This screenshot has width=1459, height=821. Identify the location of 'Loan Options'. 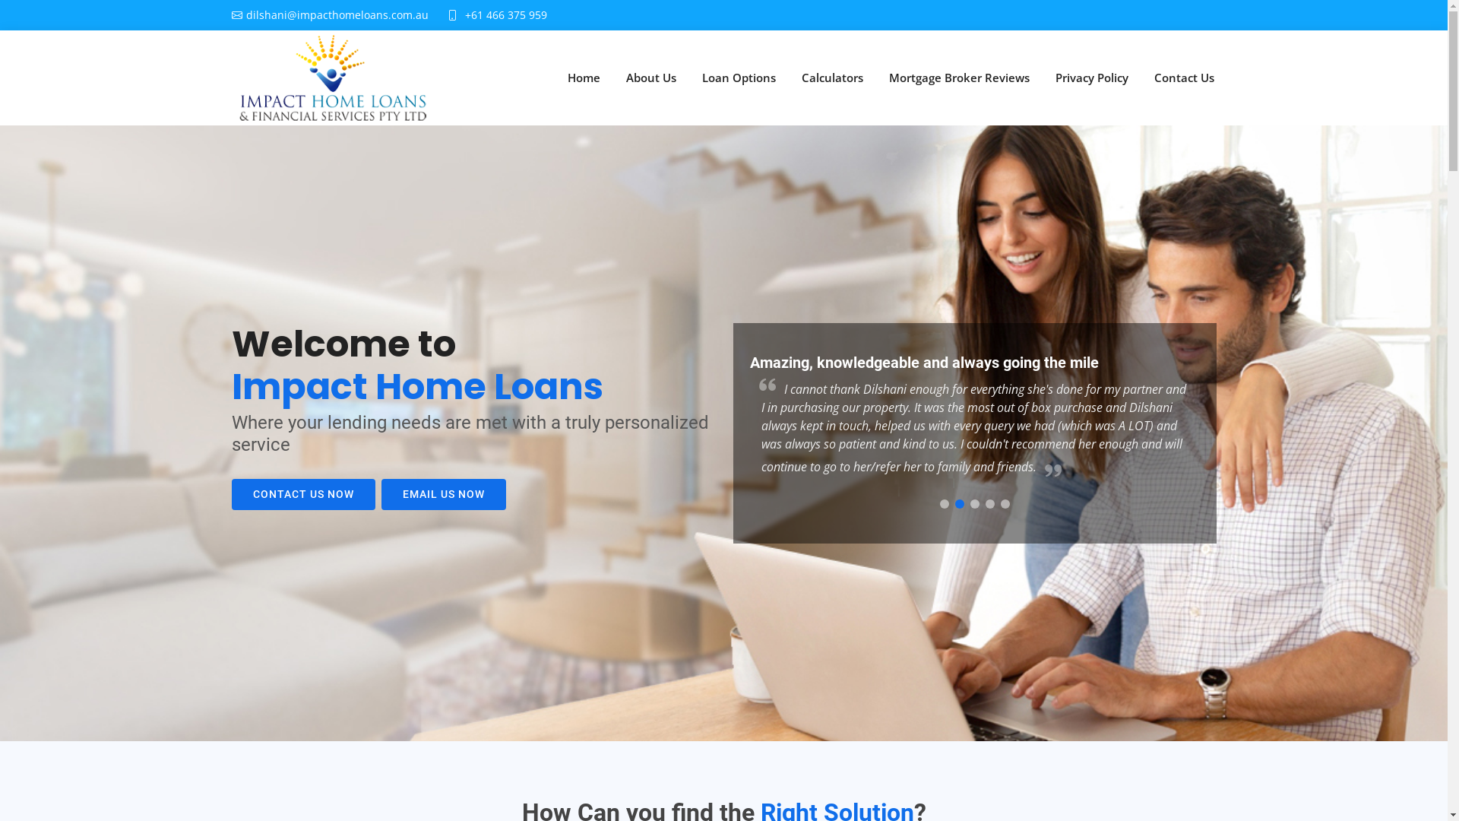
(698, 78).